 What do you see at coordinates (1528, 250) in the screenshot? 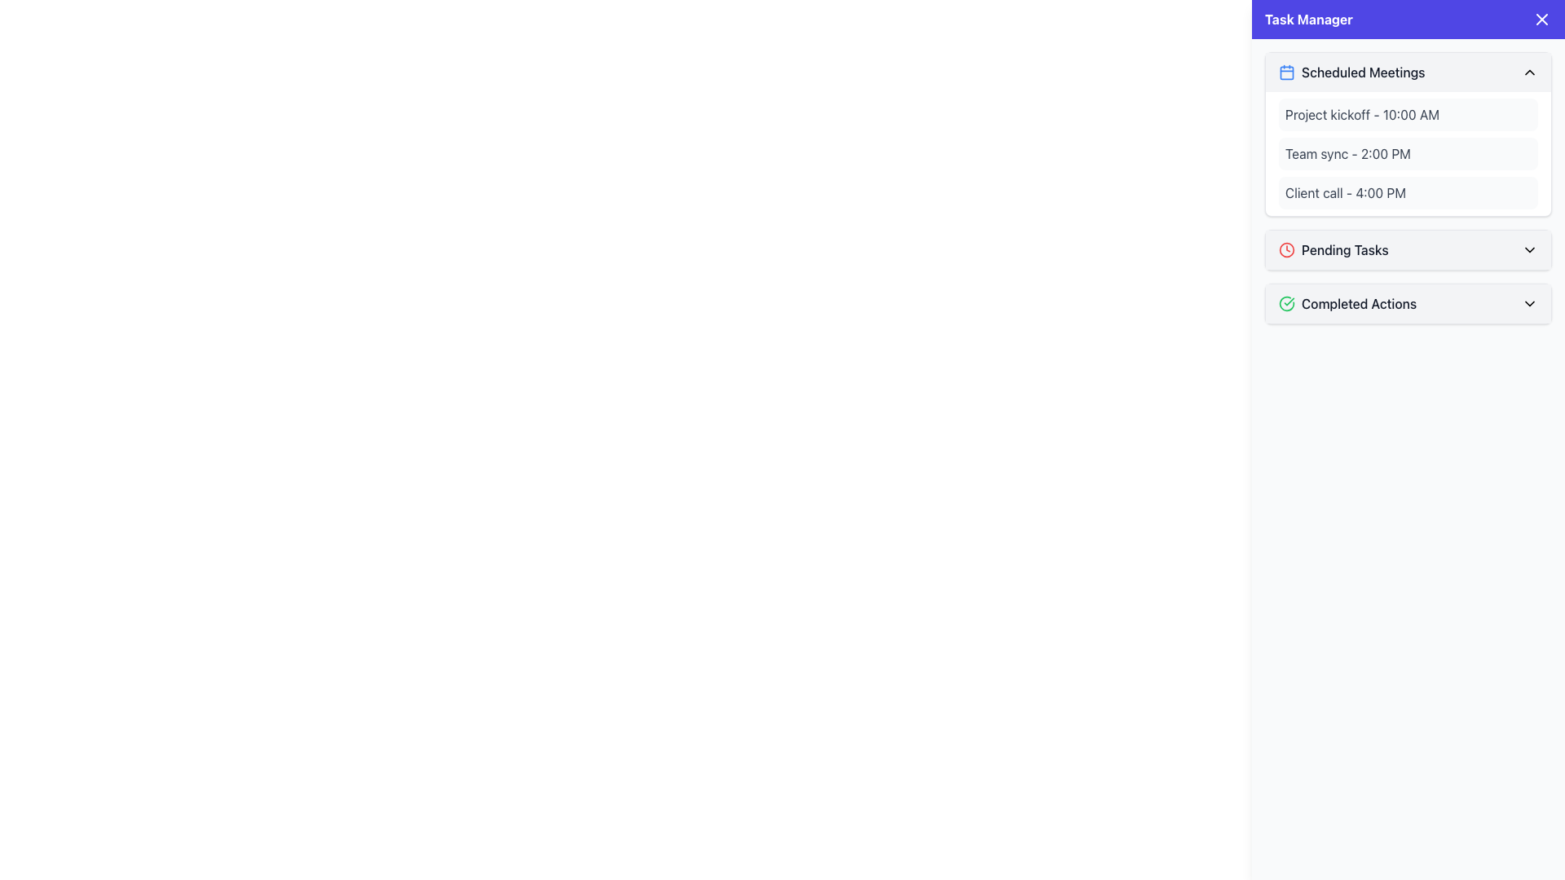
I see `the downward-pointing chevron icon adjacent to the 'Pending Tasks' label` at bounding box center [1528, 250].